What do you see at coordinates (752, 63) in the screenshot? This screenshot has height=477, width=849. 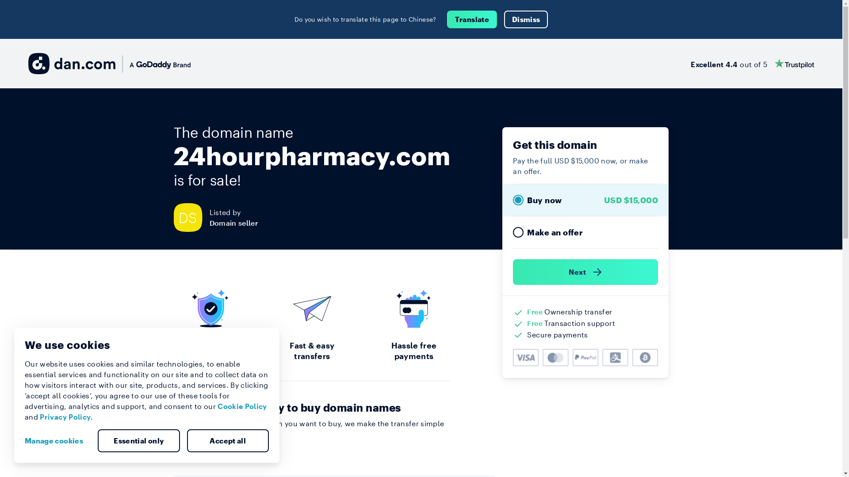 I see `'Excellent 4.4 out of 5'` at bounding box center [752, 63].